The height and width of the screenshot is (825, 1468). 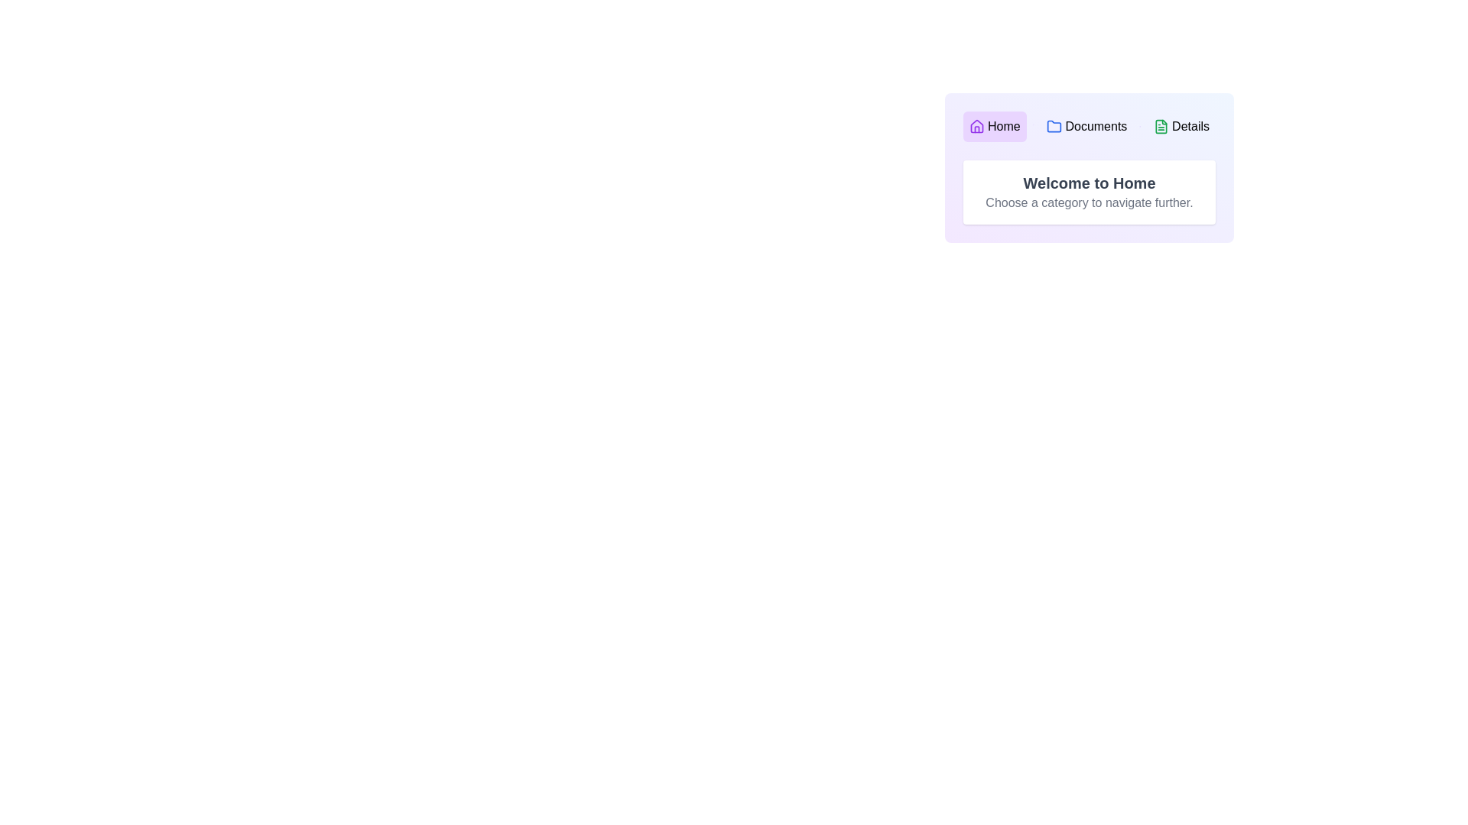 I want to click on the green icon in the navigation bar that represents the 'Details' menu option to interact with it, so click(x=1161, y=125).